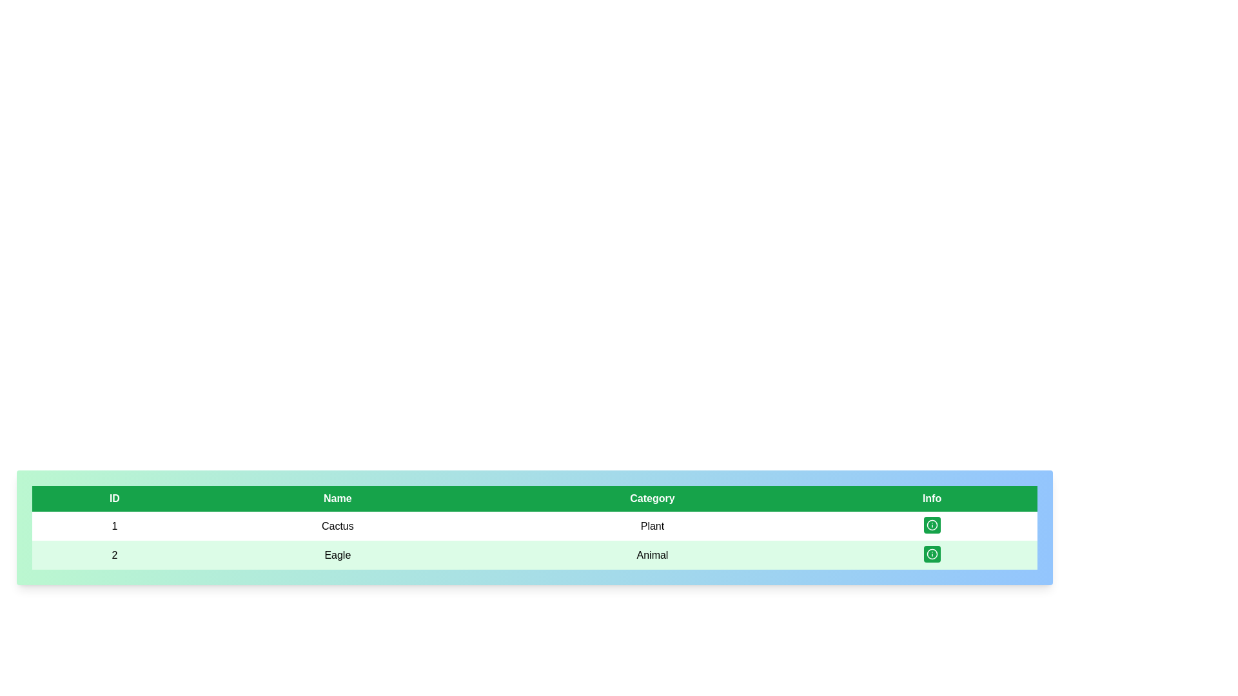 The image size is (1238, 696). What do you see at coordinates (932, 554) in the screenshot?
I see `the circular information icon in the 'Info' column of the second row, which corresponds to '2 - Eagle - Animal'` at bounding box center [932, 554].